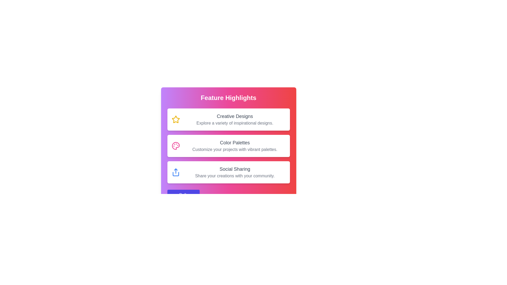 Image resolution: width=507 pixels, height=285 pixels. Describe the element at coordinates (176, 119) in the screenshot. I see `the yellow star icon located at the left side of the card titled 'Creative Designs' for accessibility purposes` at that location.